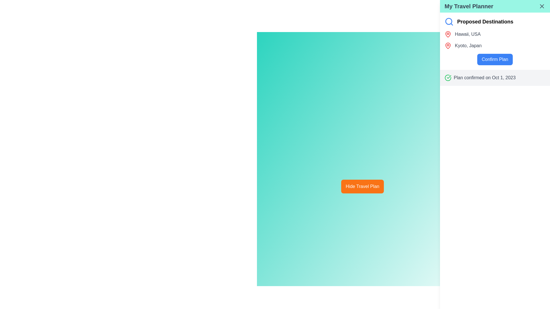 This screenshot has width=550, height=309. I want to click on the red pin icon representing a geographical location, located in the right panel under 'My Travel Planner' next to 'Kyoto, Japan', so click(448, 45).